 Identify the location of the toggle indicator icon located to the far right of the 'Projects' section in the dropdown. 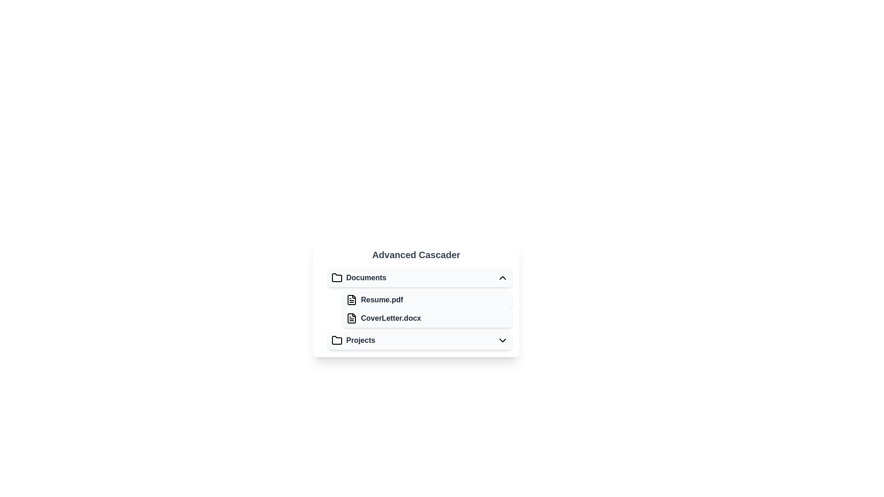
(502, 341).